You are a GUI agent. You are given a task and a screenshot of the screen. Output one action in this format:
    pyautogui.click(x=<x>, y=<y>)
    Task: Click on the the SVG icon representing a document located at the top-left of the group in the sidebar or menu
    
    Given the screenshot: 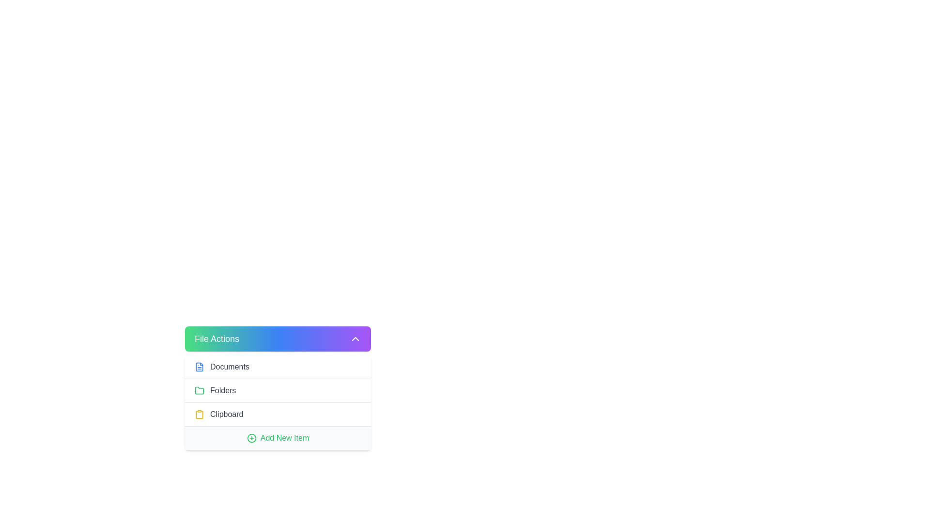 What is the action you would take?
    pyautogui.click(x=199, y=367)
    